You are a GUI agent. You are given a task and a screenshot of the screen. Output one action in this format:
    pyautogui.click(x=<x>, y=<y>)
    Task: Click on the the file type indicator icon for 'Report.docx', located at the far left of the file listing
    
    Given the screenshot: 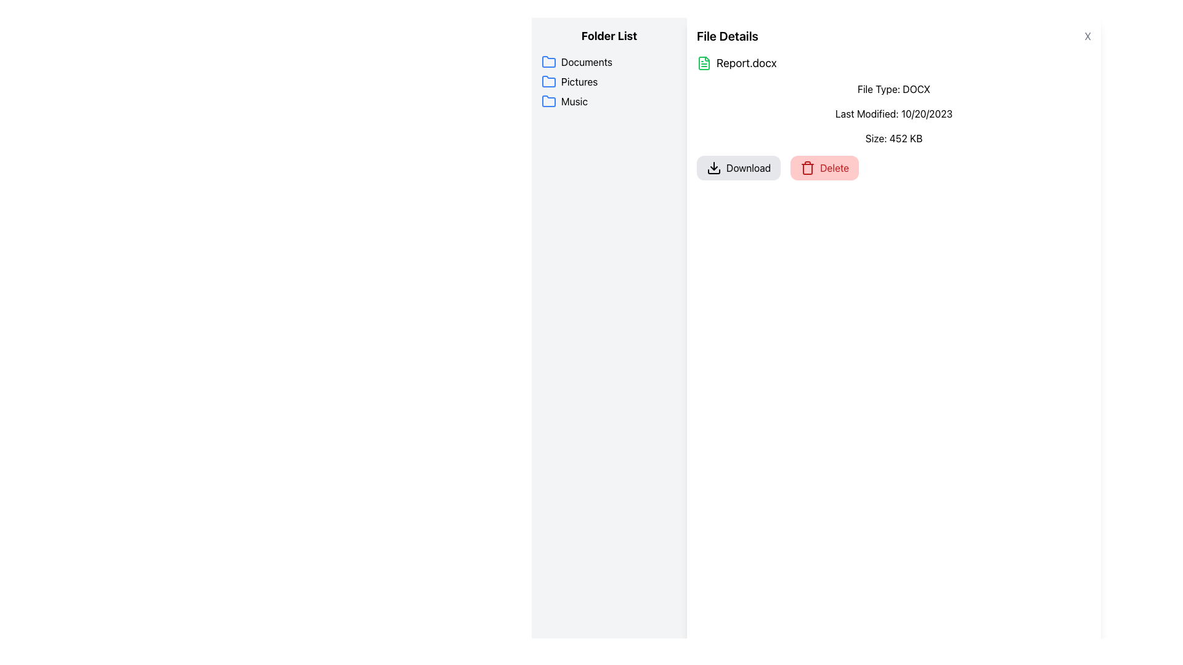 What is the action you would take?
    pyautogui.click(x=704, y=63)
    